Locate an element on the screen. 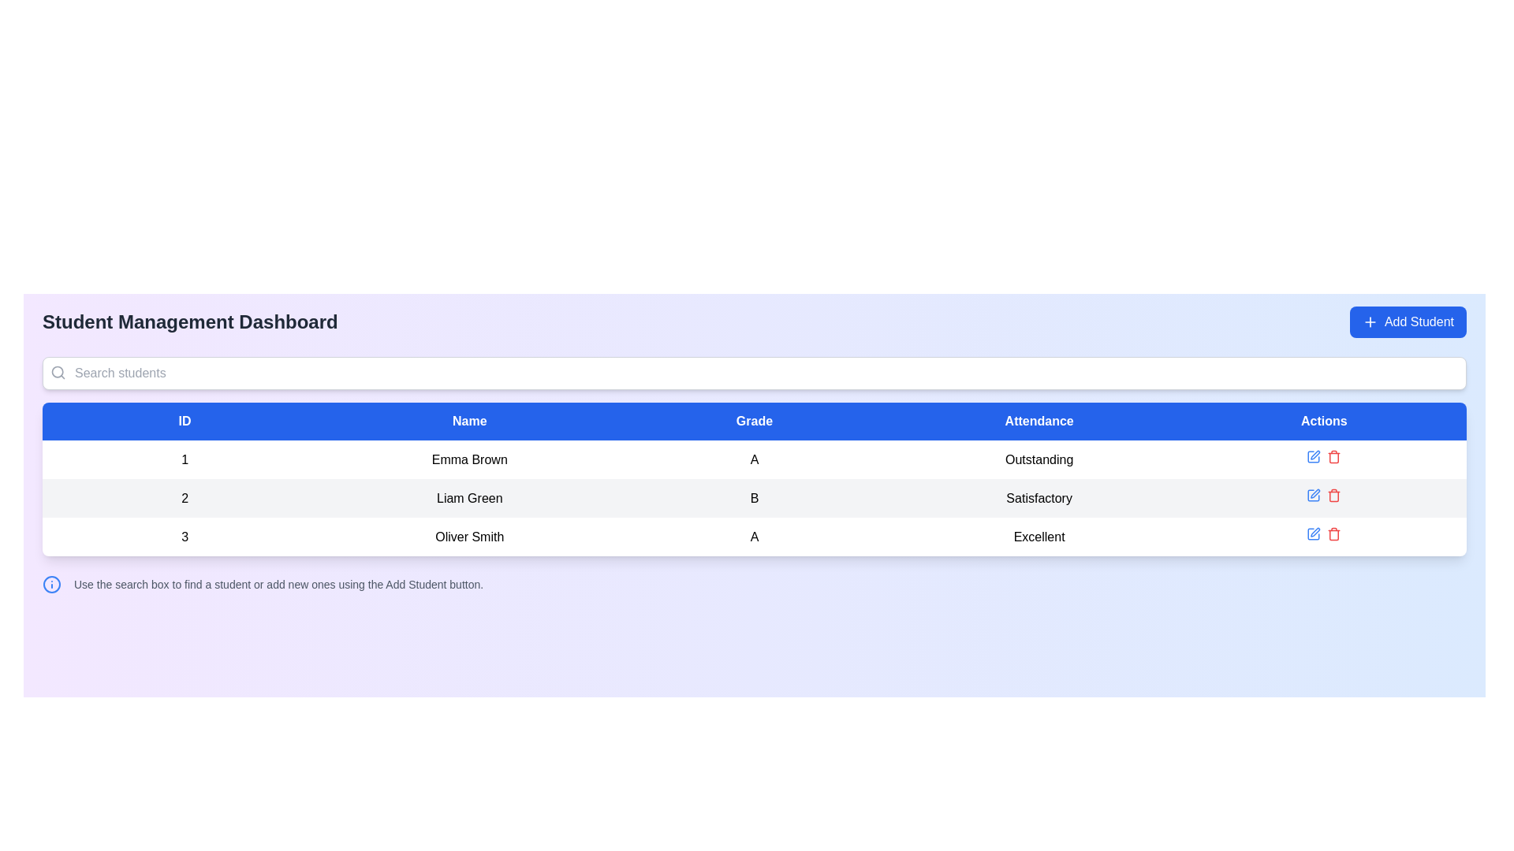 The width and height of the screenshot is (1514, 851). text from the 'Grade' column header, which is the third header in a row of five headers in the table, positioned between the 'Name' and 'Attendance' headers is located at coordinates (753, 421).